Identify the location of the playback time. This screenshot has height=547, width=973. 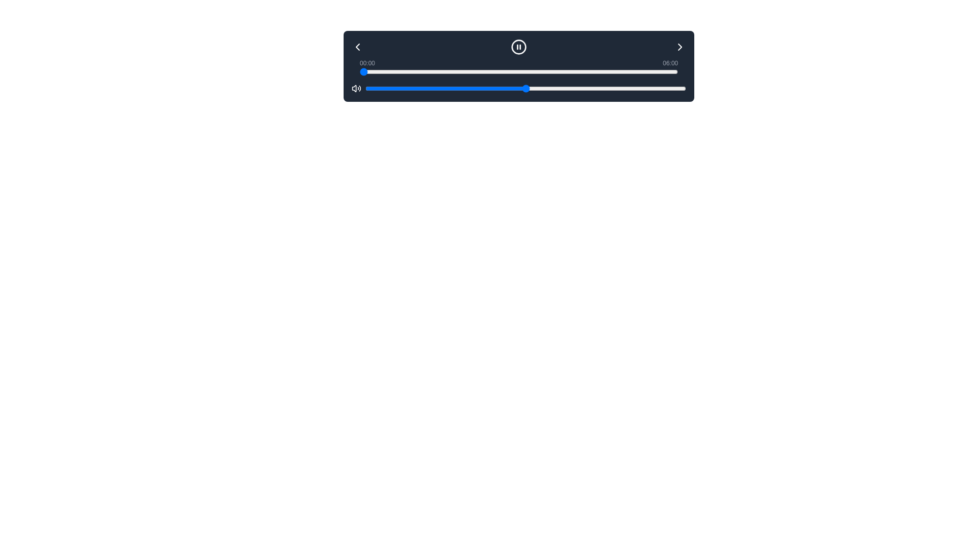
(556, 71).